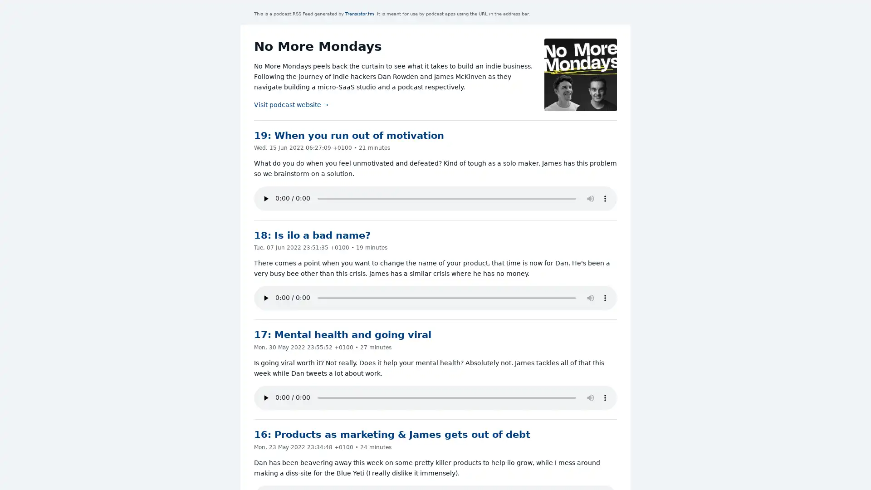 The width and height of the screenshot is (871, 490). I want to click on mute, so click(590, 298).